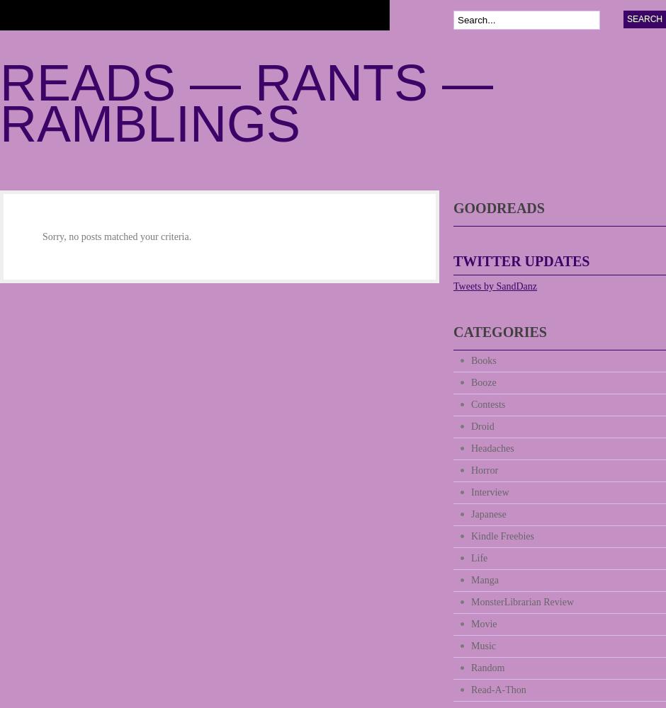 The height and width of the screenshot is (708, 666). I want to click on 'Categories', so click(499, 331).